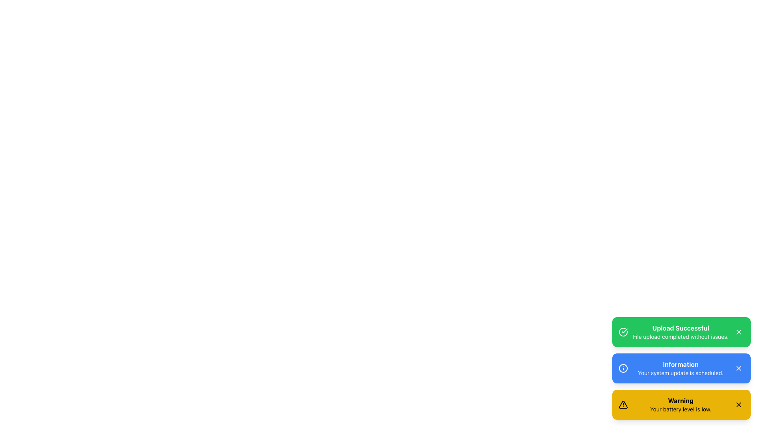  Describe the element at coordinates (680, 332) in the screenshot. I see `message from the notification indicating that the file upload operation has been completed successfully, which is displayed at the top of the notification stack within a green card` at that location.